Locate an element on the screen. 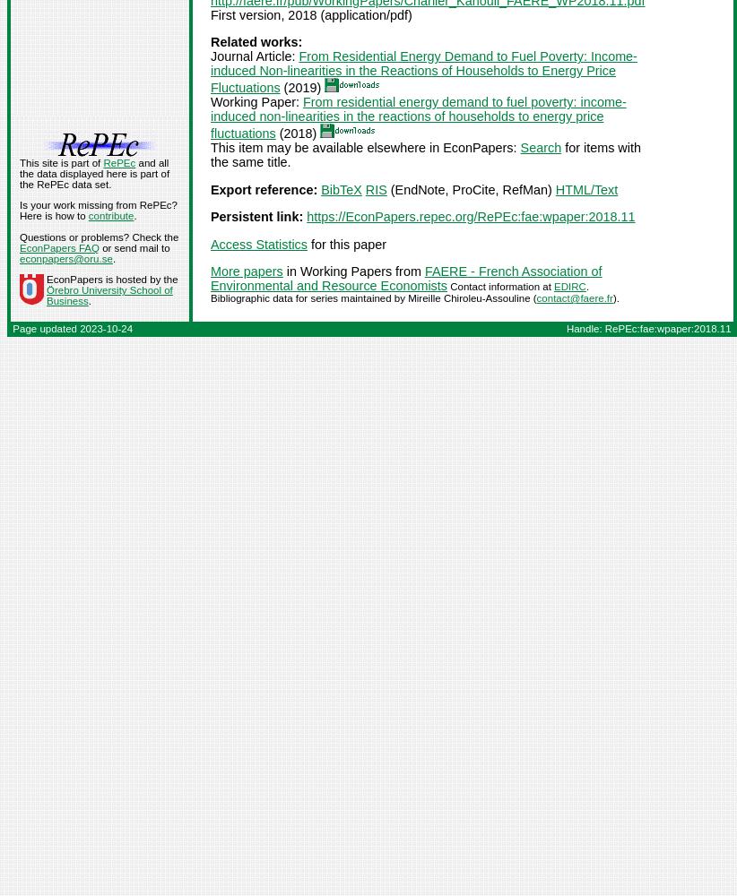  '(EndNote, ProCite, RefMan)' is located at coordinates (470, 188).